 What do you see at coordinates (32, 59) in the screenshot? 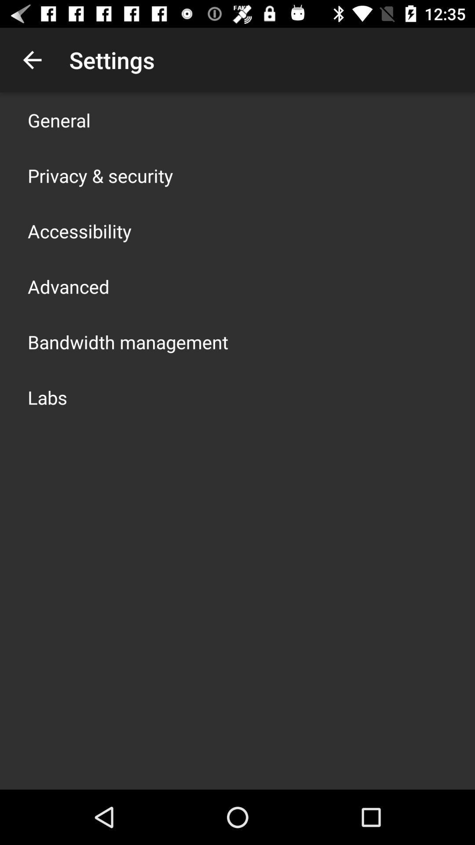
I see `the app to the left of settings icon` at bounding box center [32, 59].